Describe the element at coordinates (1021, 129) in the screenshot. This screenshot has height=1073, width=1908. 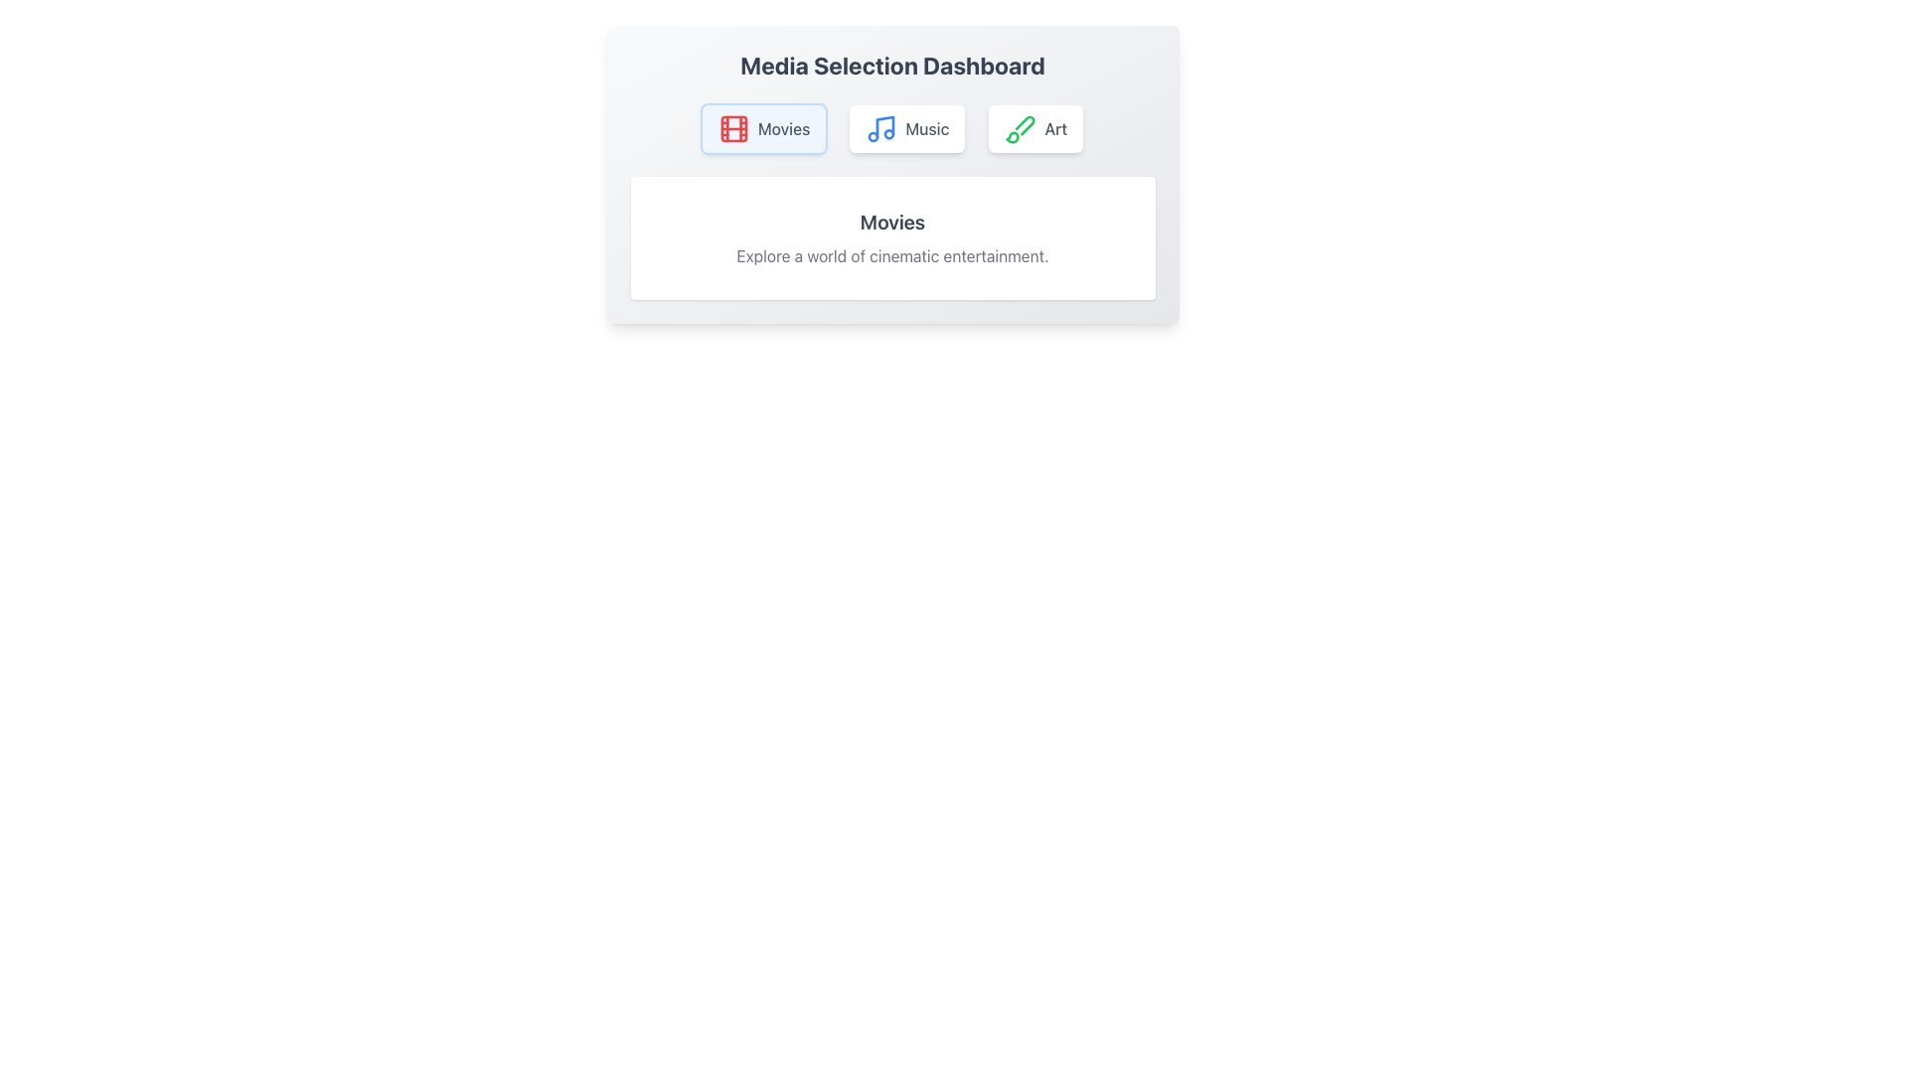
I see `the green brush icon located in the top section of the dashboard, which is part of the 'Art' category card and positioned to the rightmost among three icons` at that location.